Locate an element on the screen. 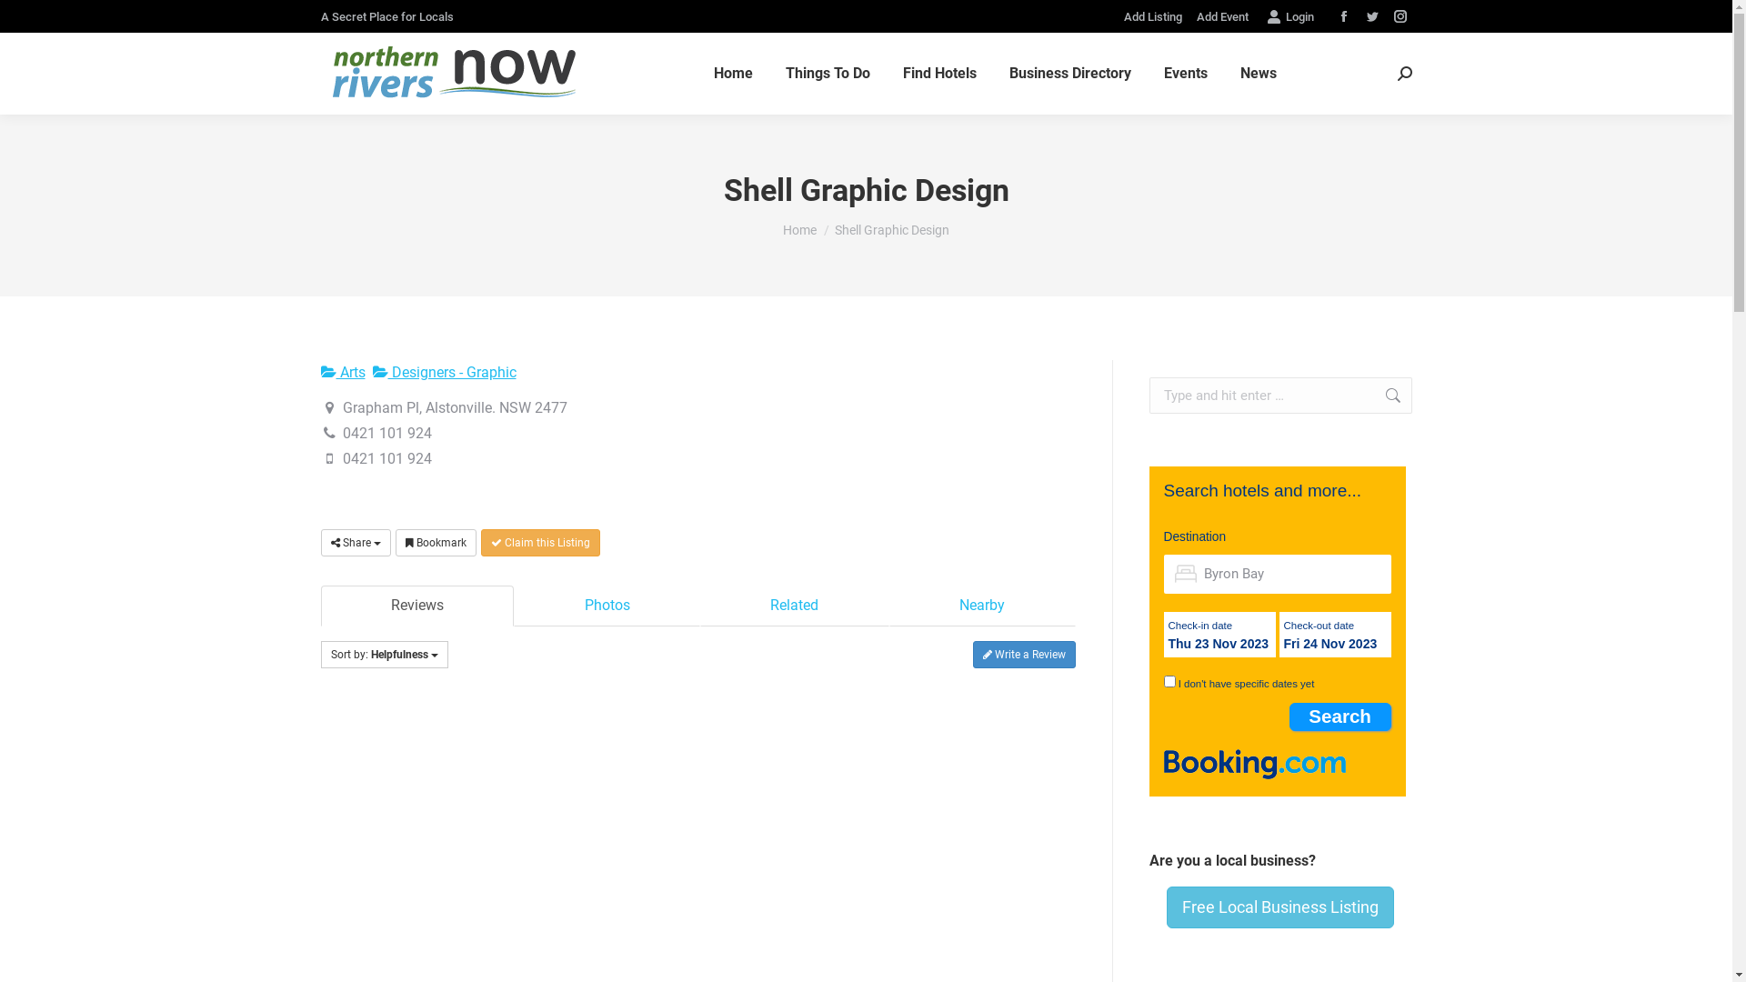 The width and height of the screenshot is (1746, 982). 'Find Hotels' is located at coordinates (898, 73).